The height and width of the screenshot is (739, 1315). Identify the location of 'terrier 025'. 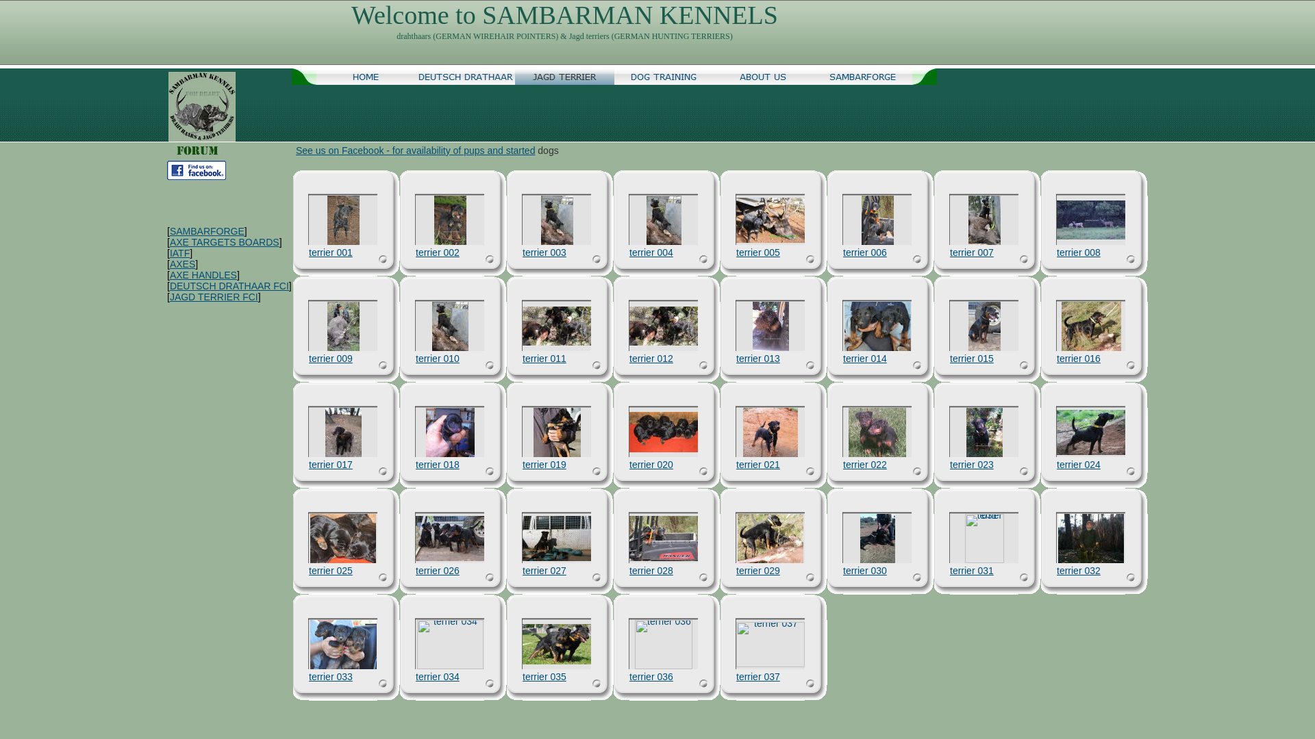
(331, 570).